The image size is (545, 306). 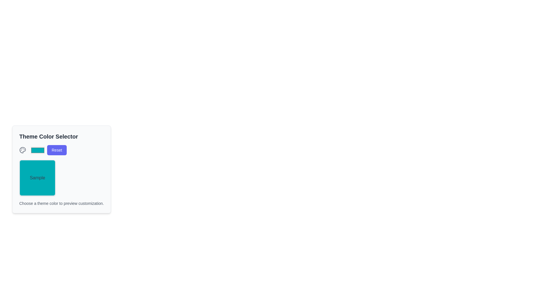 I want to click on the palette icon located on the leftmost side of the 'Theme Color Selector' section, which signifies color selection or customization, so click(x=23, y=150).